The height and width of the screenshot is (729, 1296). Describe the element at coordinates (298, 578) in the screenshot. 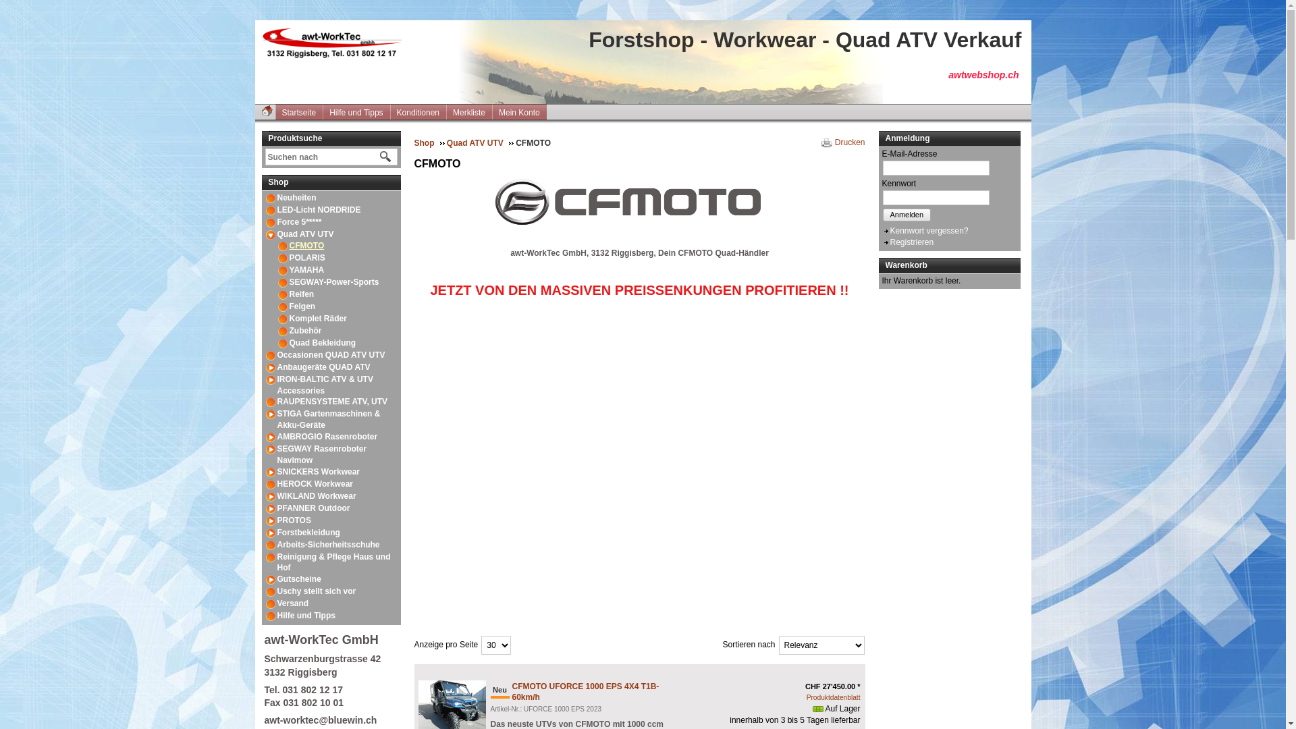

I see `'Gutscheine'` at that location.